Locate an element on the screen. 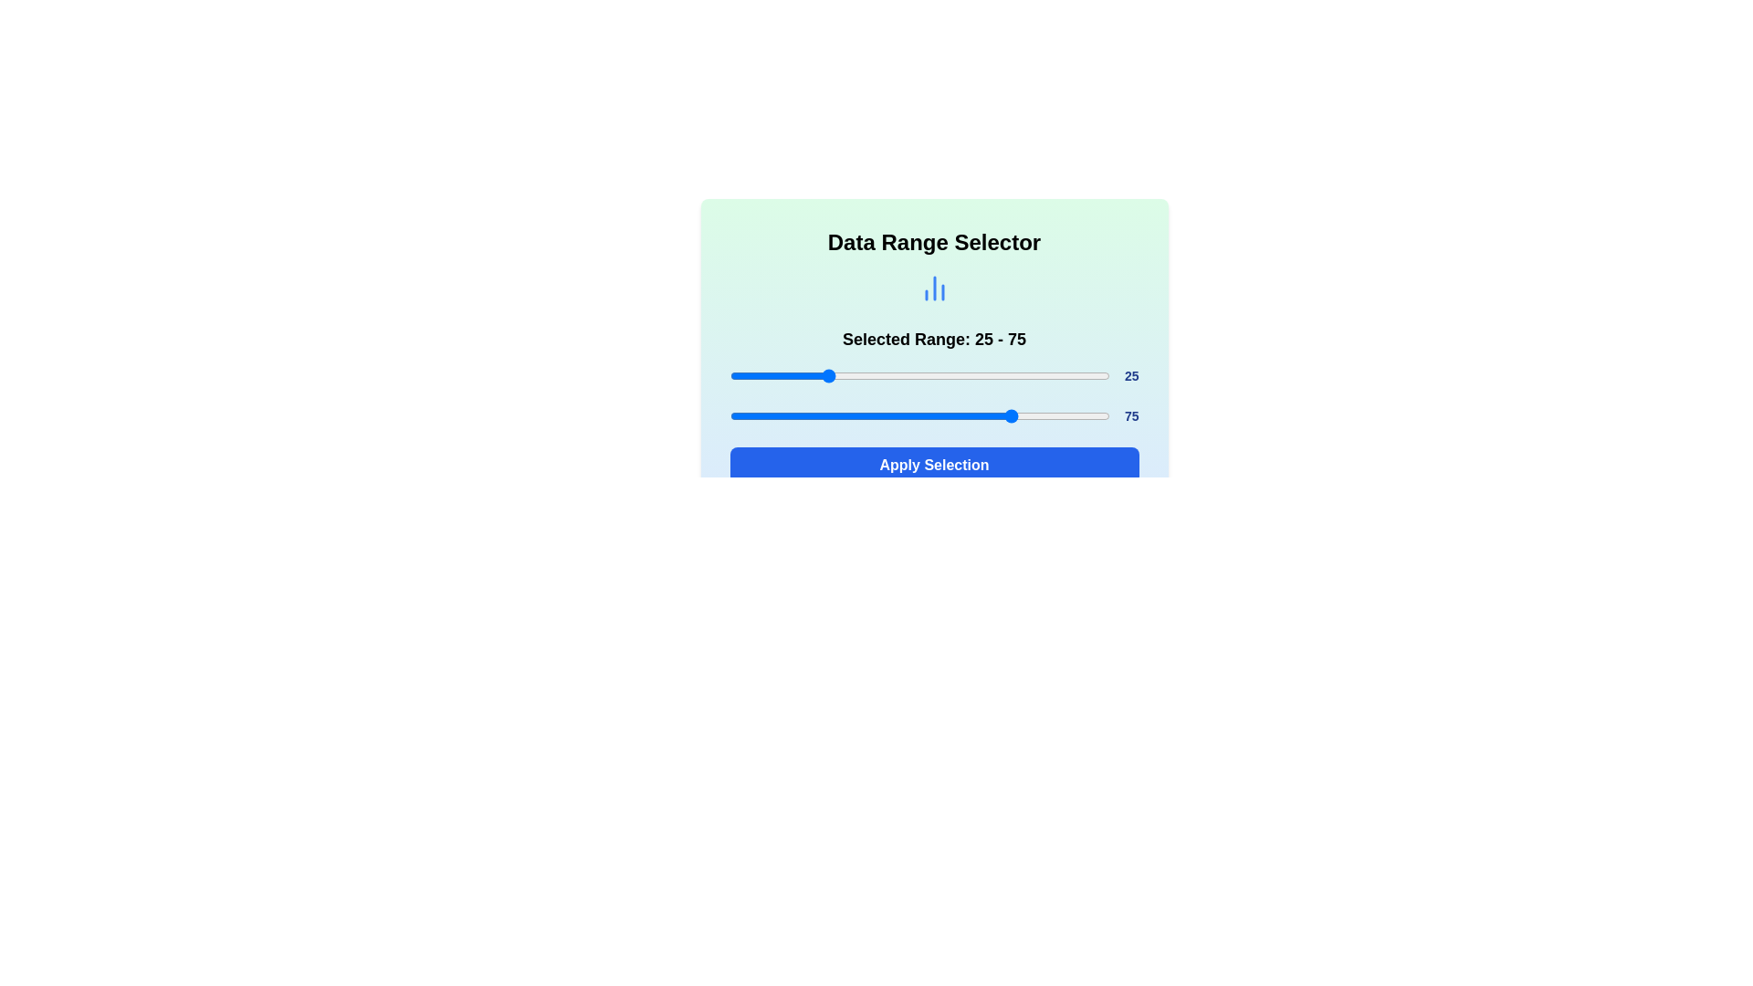 This screenshot has width=1753, height=986. the 'Apply Selection' button to confirm the selected range is located at coordinates (934, 464).